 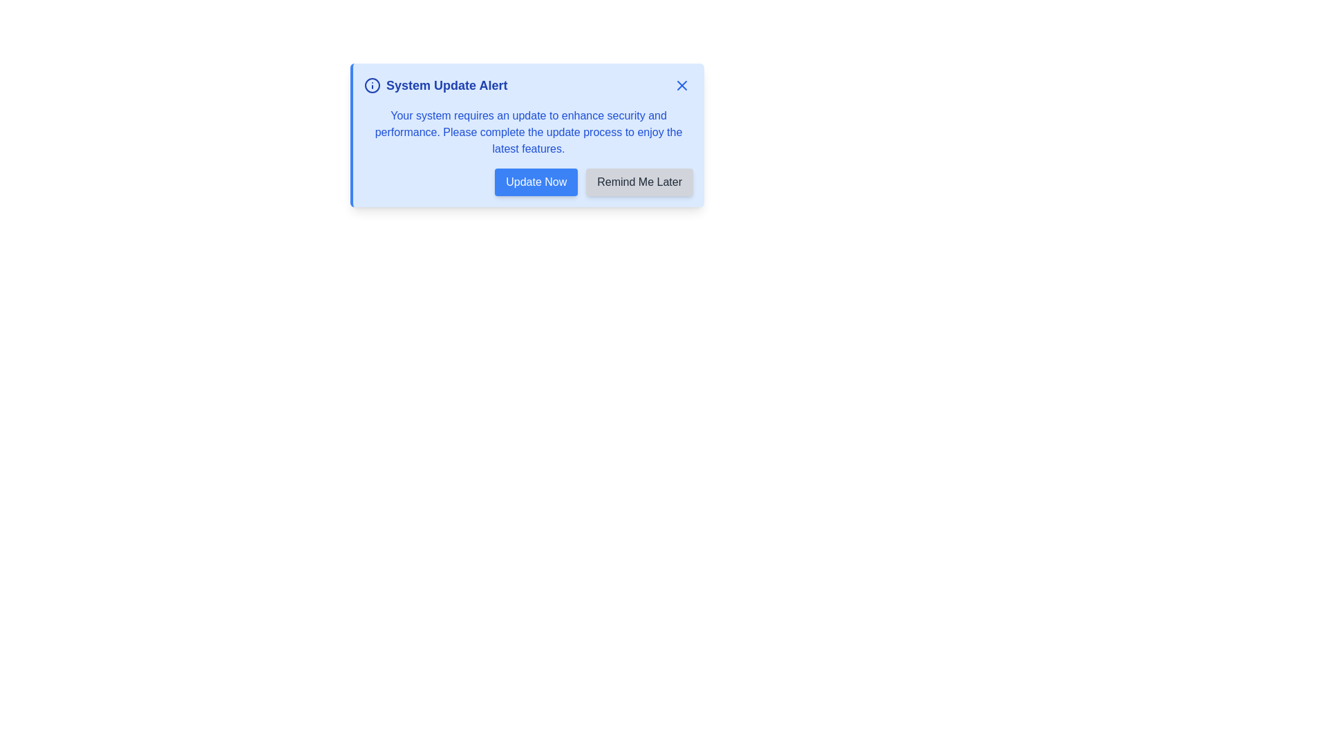 I want to click on the first button in the horizontally aligned group at the bottom-right corner of the 'System Update Alert' dialog box to change its background color, so click(x=536, y=181).